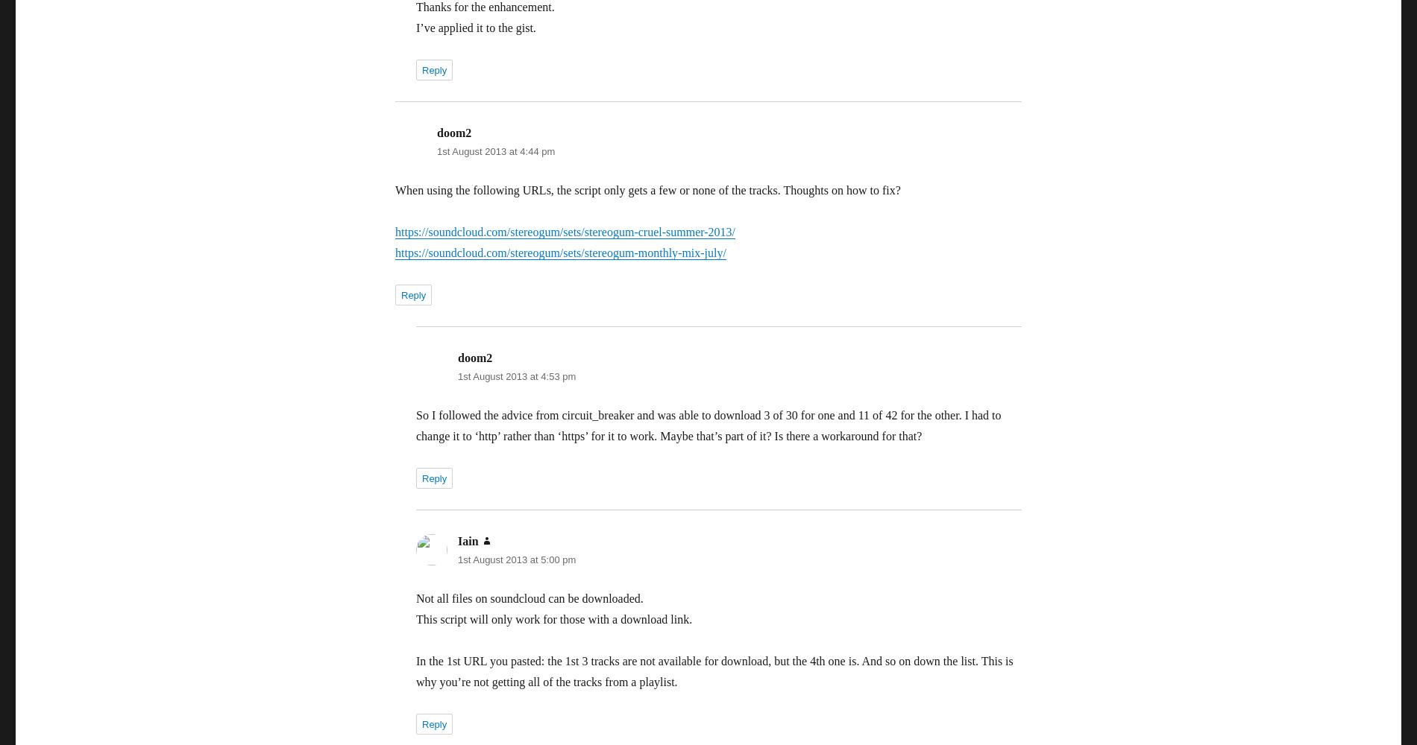 The width and height of the screenshot is (1417, 745). Describe the element at coordinates (516, 559) in the screenshot. I see `'1st August 2013 at 5:00 pm'` at that location.